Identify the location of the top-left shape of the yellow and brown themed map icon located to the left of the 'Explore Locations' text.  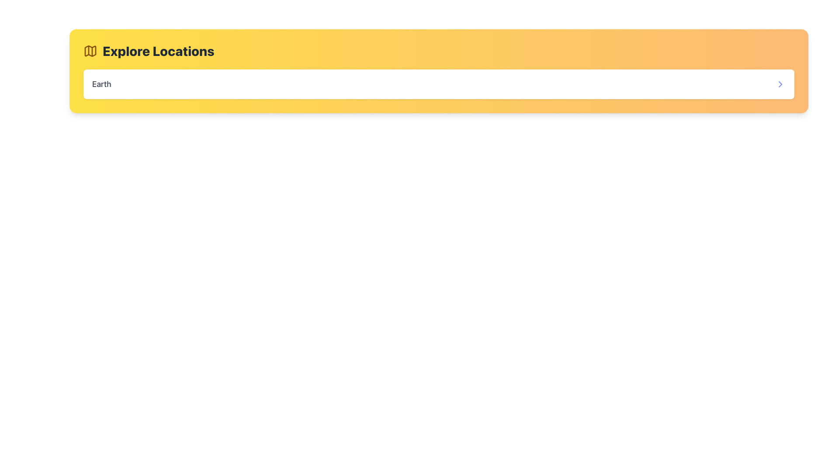
(90, 51).